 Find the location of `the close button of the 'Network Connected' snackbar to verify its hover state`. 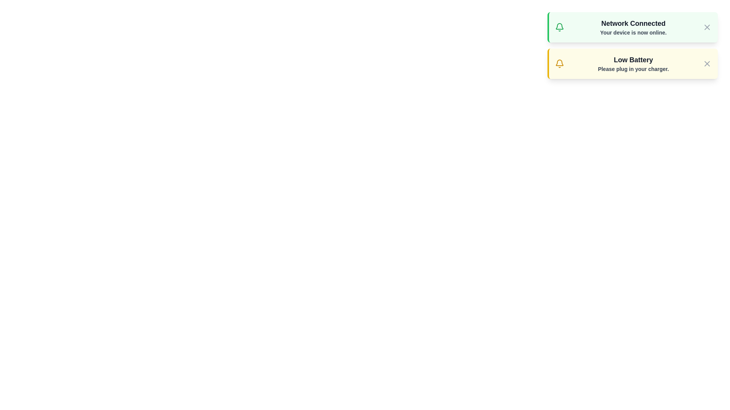

the close button of the 'Network Connected' snackbar to verify its hover state is located at coordinates (707, 27).